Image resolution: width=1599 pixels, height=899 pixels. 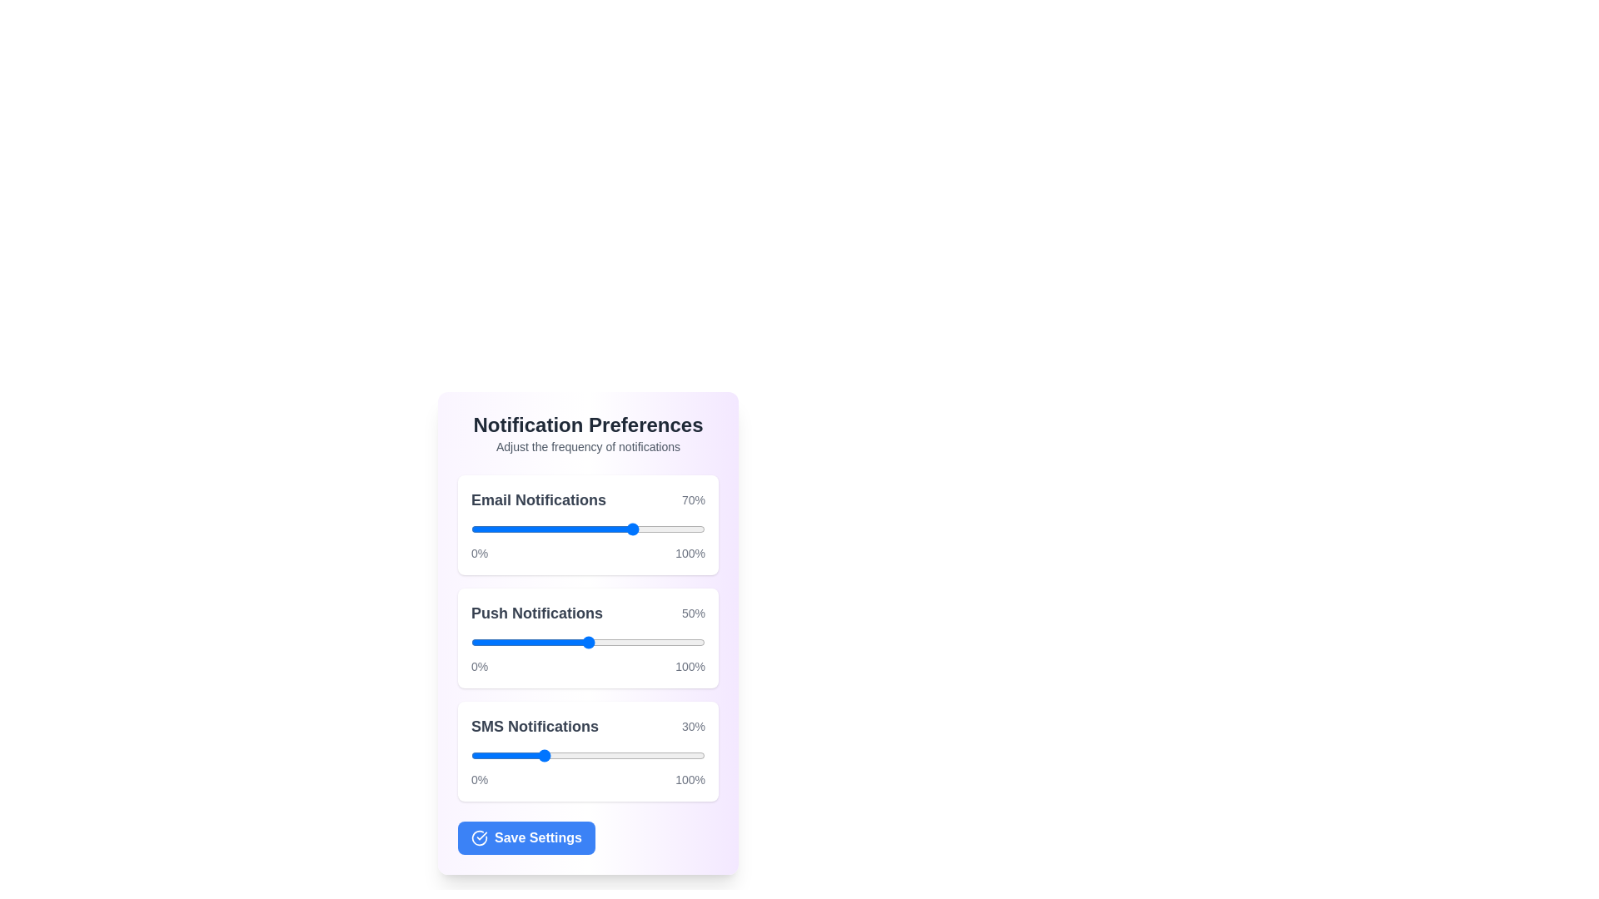 What do you see at coordinates (653, 755) in the screenshot?
I see `SMS notification slider` at bounding box center [653, 755].